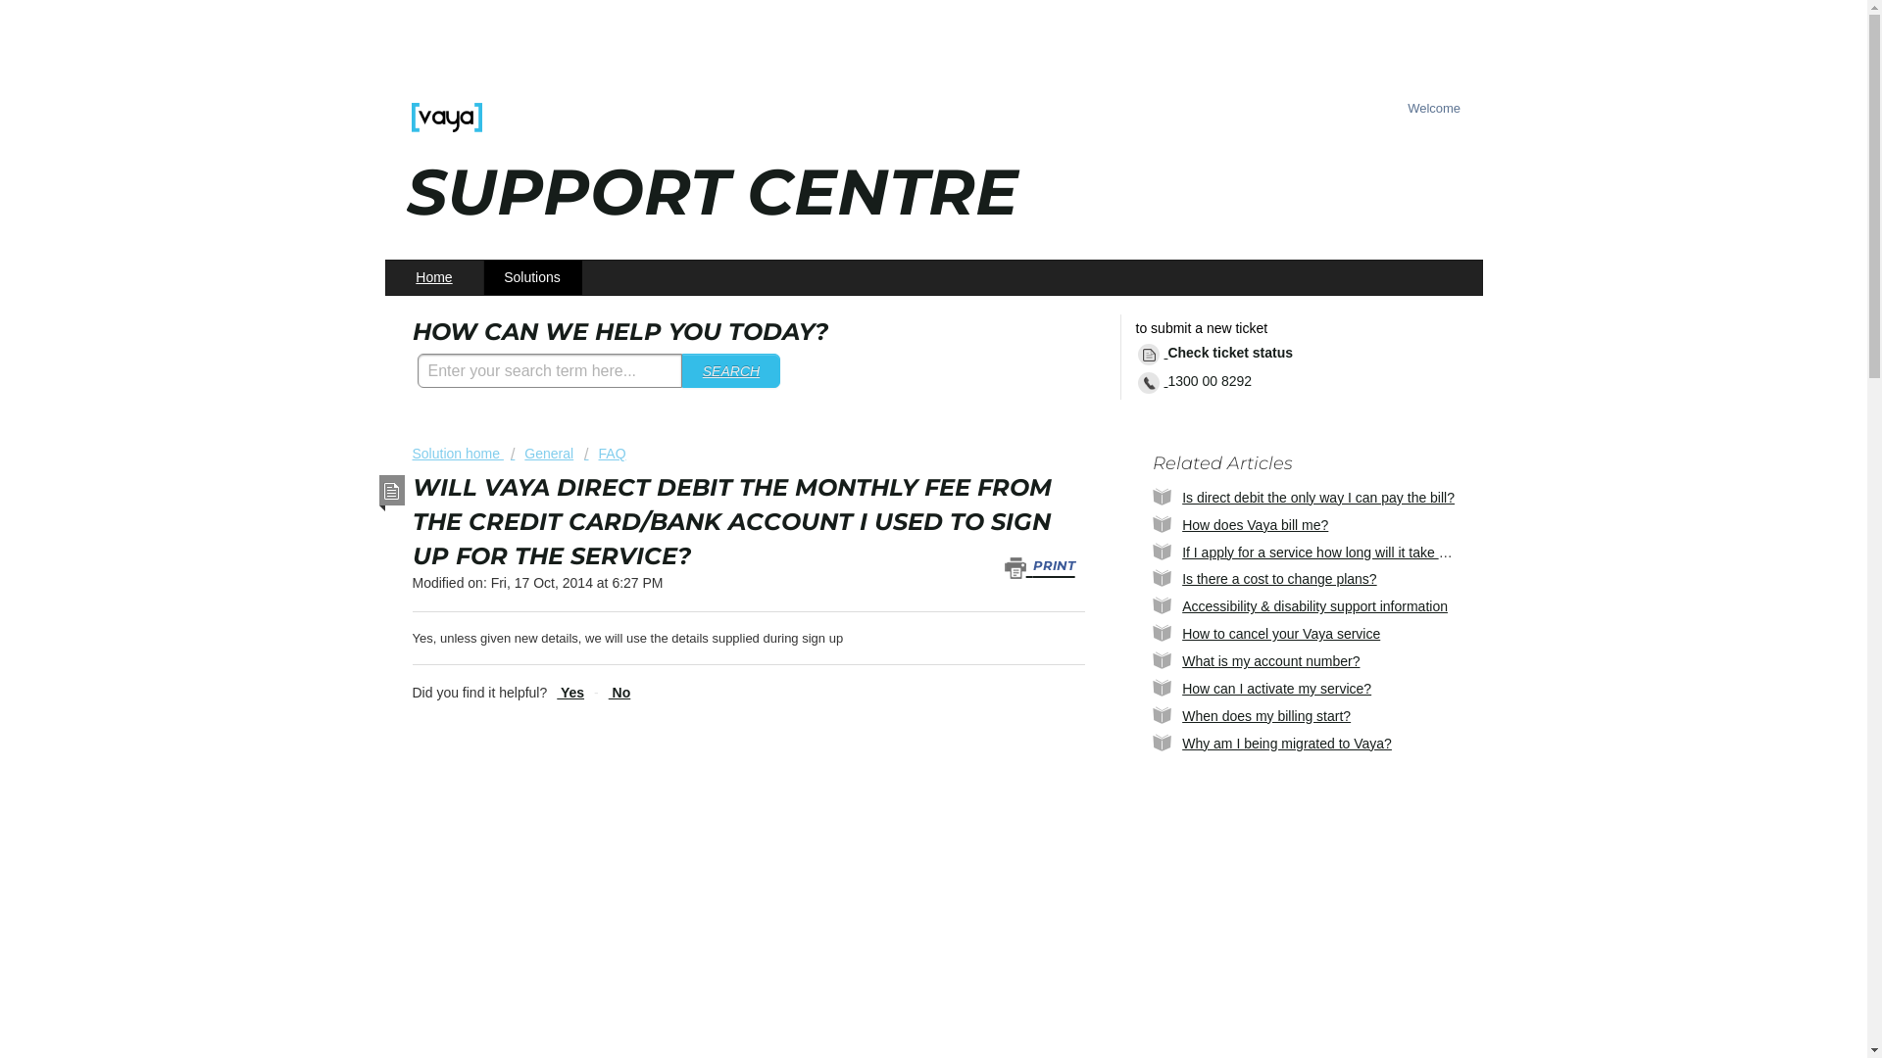 This screenshot has height=1058, width=1882. What do you see at coordinates (1043, 565) in the screenshot?
I see `'PRINT'` at bounding box center [1043, 565].